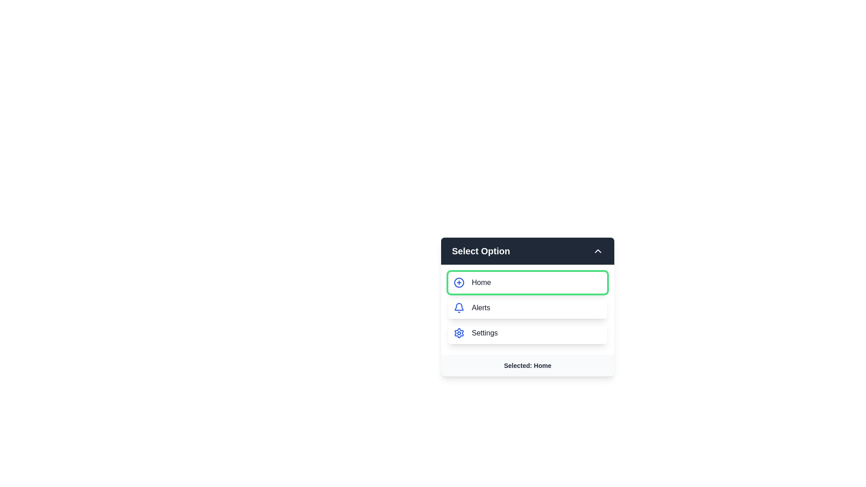 The image size is (866, 487). I want to click on text content of the 'Alerts' label located in the second item of the menu list, which is positioned between 'Home' and 'Settings', so click(480, 307).